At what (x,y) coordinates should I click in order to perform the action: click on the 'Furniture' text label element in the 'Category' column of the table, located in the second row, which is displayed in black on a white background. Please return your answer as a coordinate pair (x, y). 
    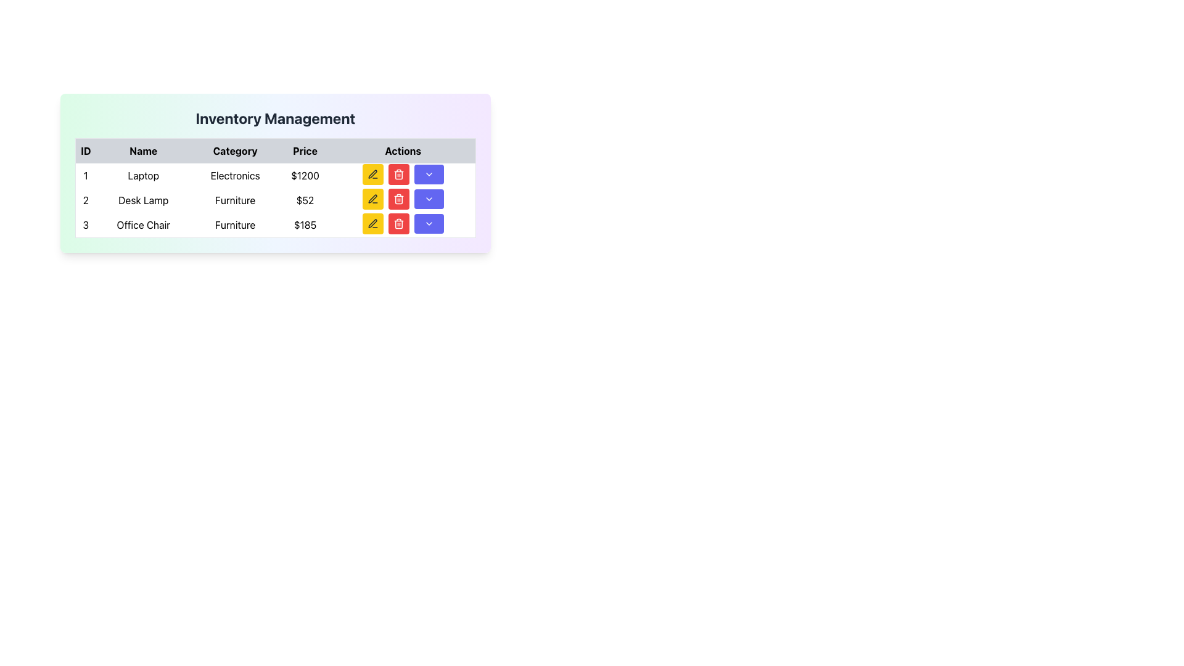
    Looking at the image, I should click on (235, 199).